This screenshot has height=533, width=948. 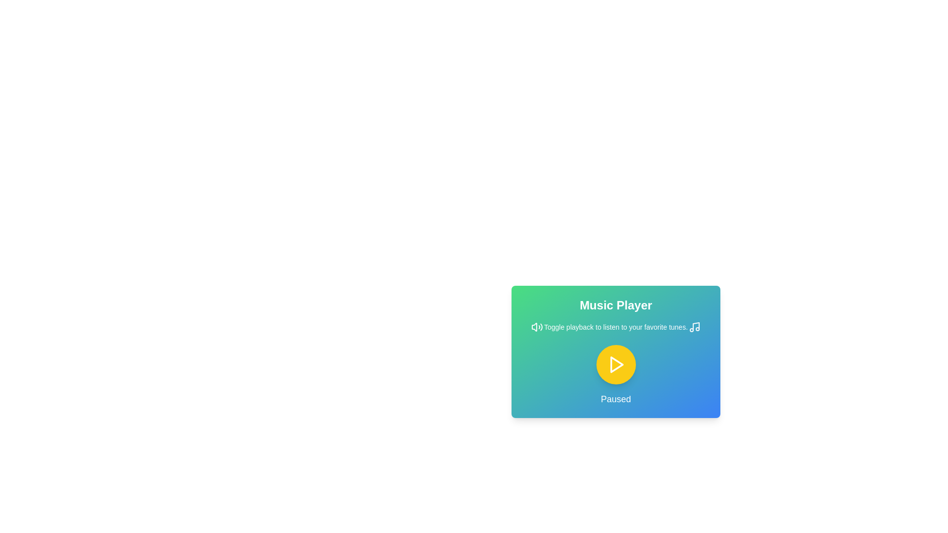 I want to click on the triangular play icon located centrally within the circular button at the bottom of the music player interface, so click(x=616, y=365).